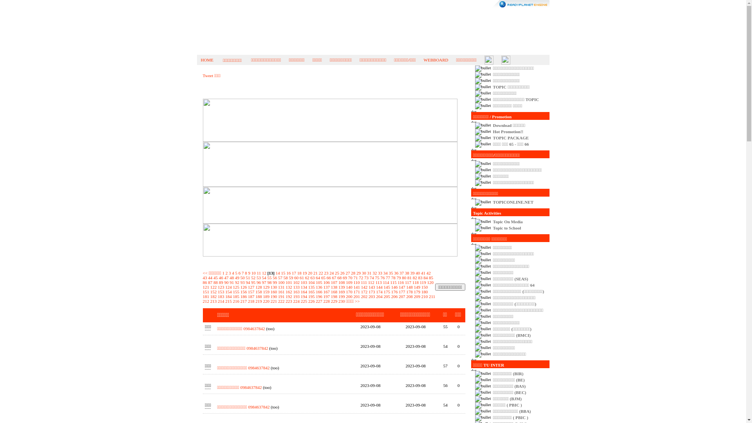 This screenshot has width=752, height=423. What do you see at coordinates (329, 277) in the screenshot?
I see `'66'` at bounding box center [329, 277].